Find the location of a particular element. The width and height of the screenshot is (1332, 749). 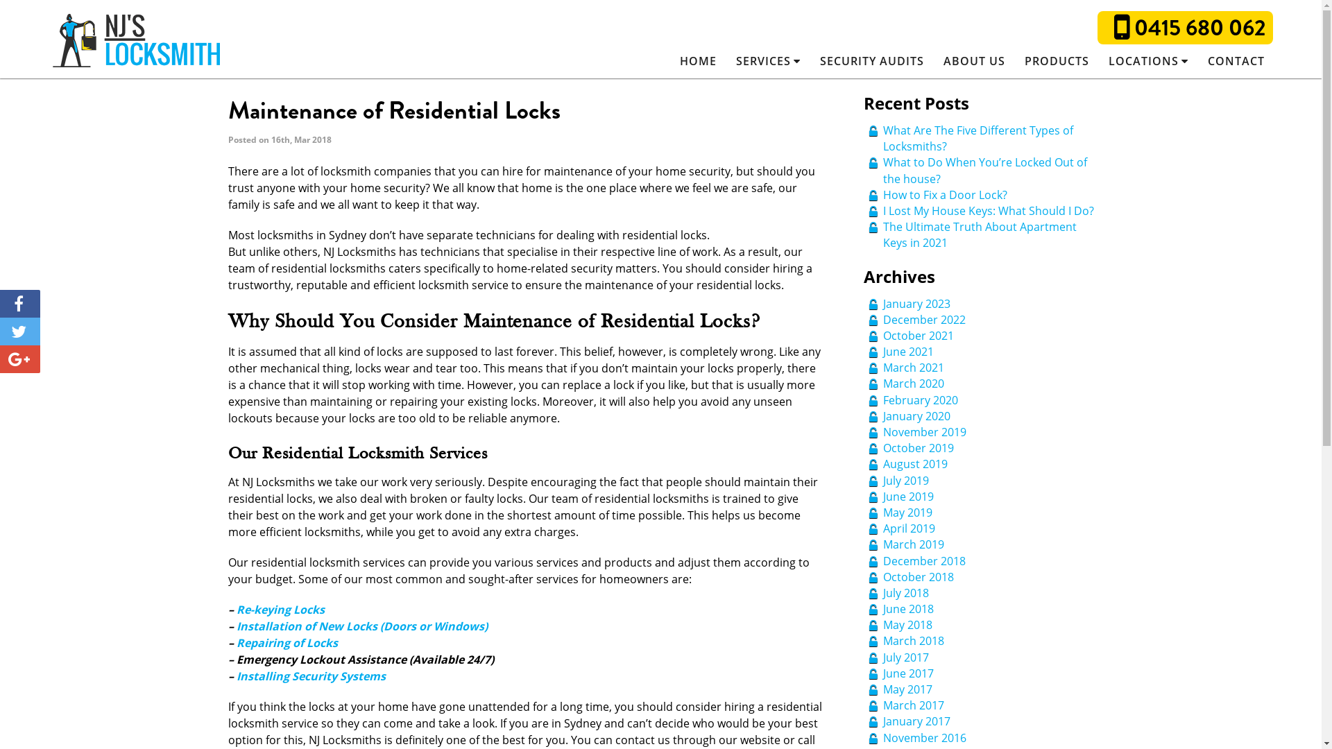

'October 2021' is located at coordinates (882, 335).